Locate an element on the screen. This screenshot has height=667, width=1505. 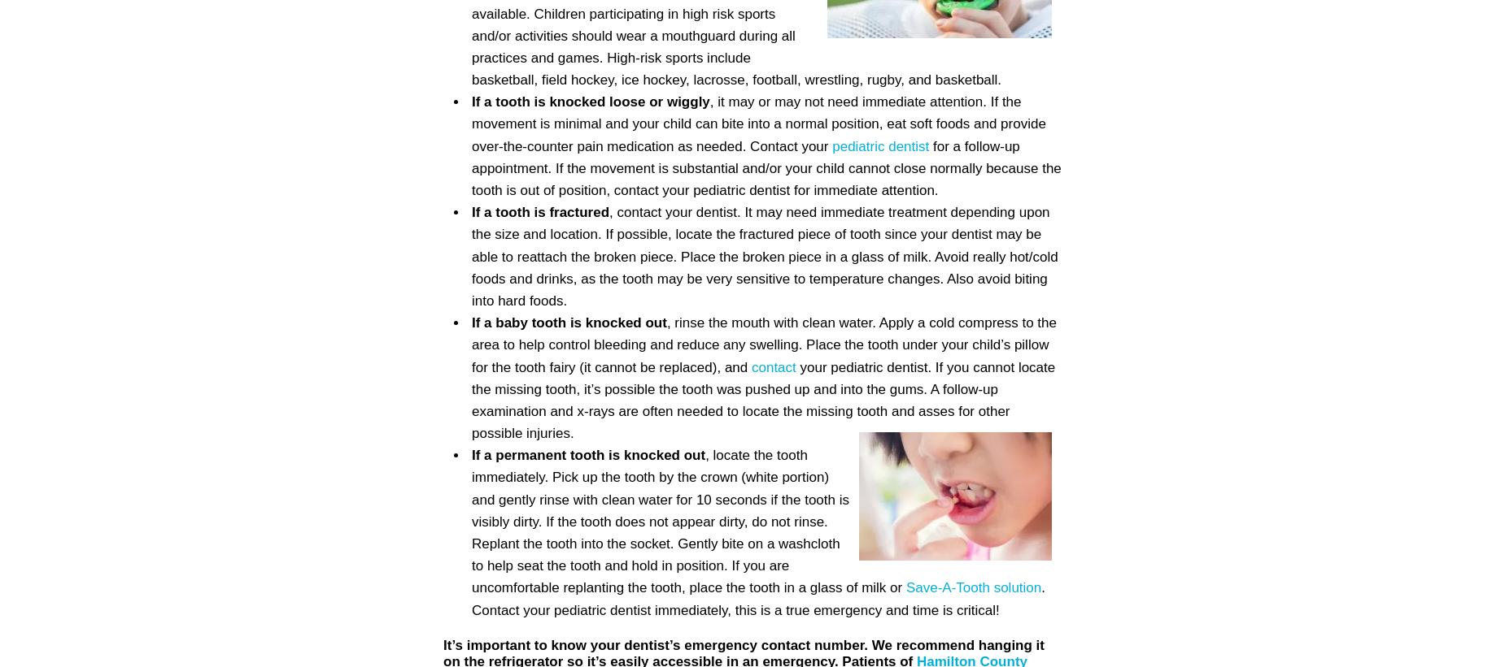
'contact' is located at coordinates (772, 366).